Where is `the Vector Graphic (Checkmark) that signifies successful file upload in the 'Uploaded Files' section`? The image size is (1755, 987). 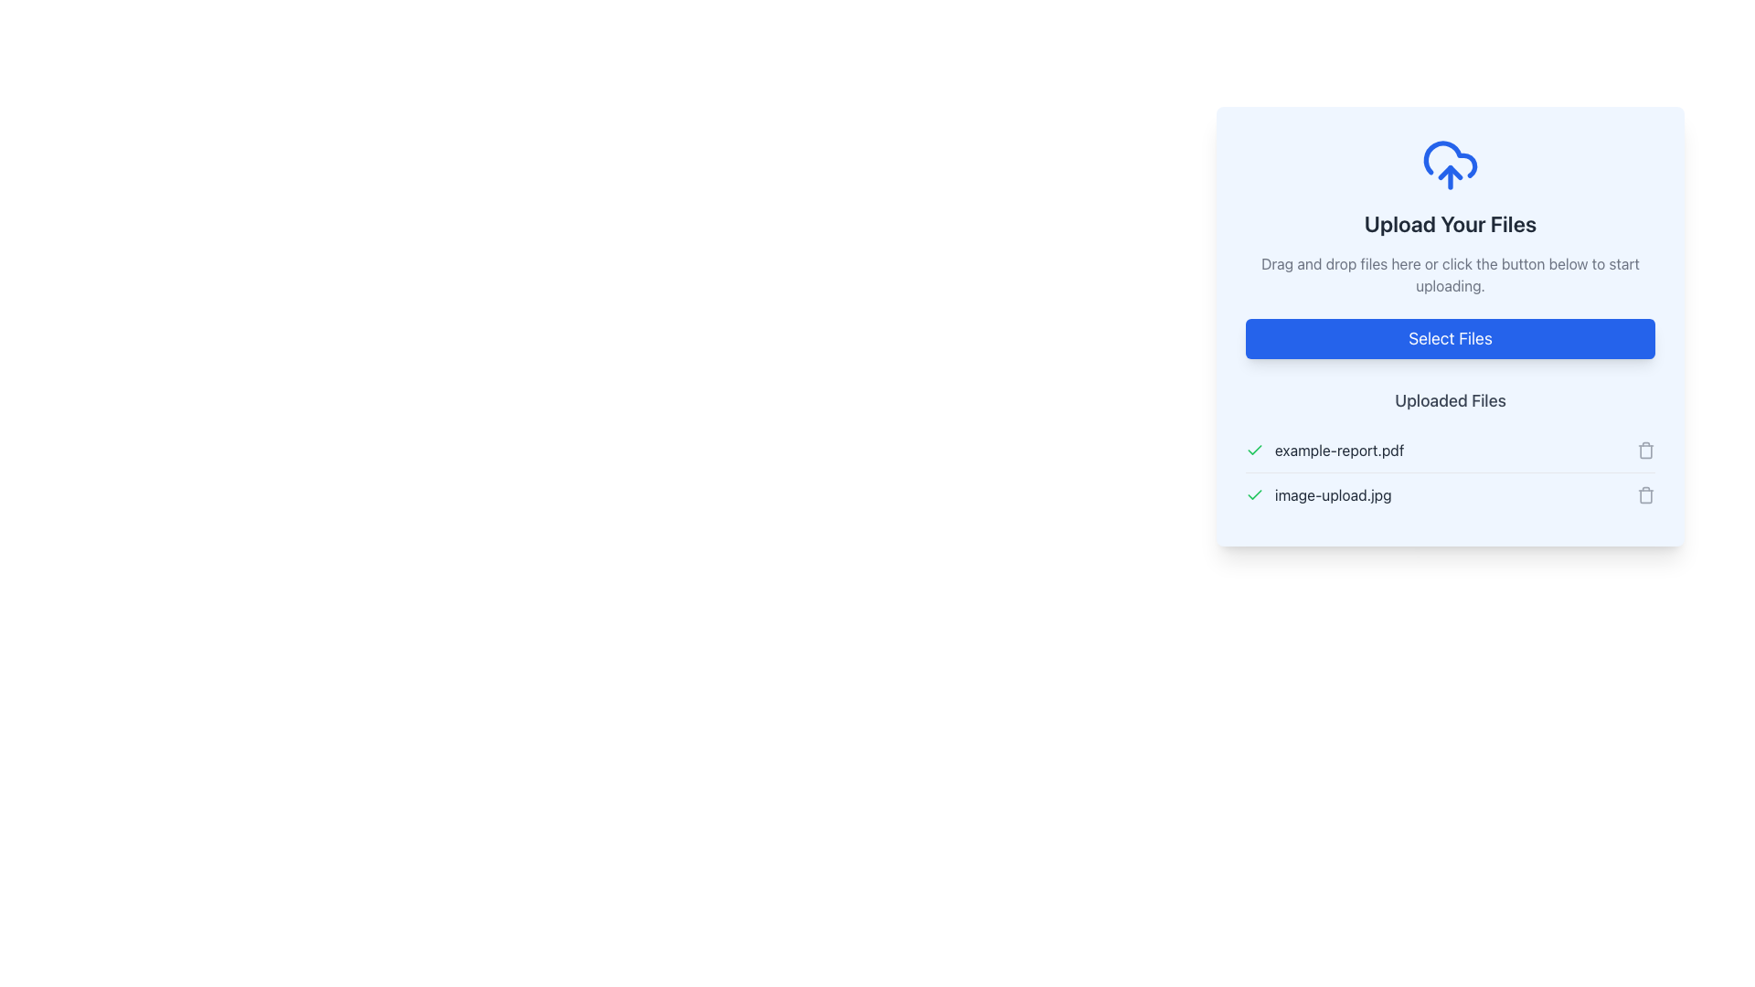
the Vector Graphic (Checkmark) that signifies successful file upload in the 'Uploaded Files' section is located at coordinates (1253, 493).